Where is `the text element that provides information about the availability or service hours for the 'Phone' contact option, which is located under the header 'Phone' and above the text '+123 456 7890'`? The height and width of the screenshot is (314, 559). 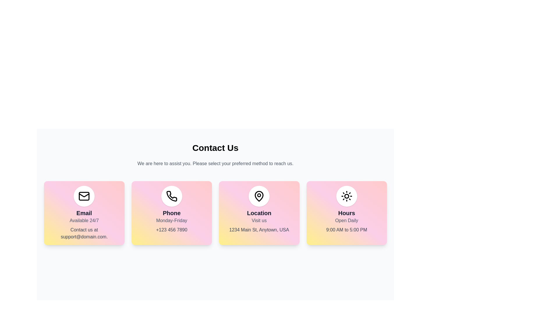 the text element that provides information about the availability or service hours for the 'Phone' contact option, which is located under the header 'Phone' and above the text '+123 456 7890' is located at coordinates (171, 221).